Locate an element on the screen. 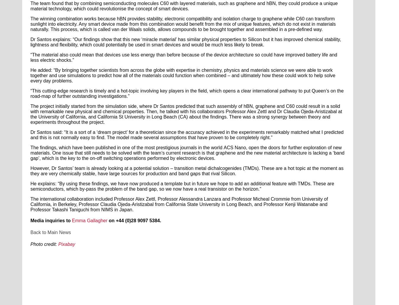 The width and height of the screenshot is (399, 305). 'Photo credit:' is located at coordinates (43, 244).